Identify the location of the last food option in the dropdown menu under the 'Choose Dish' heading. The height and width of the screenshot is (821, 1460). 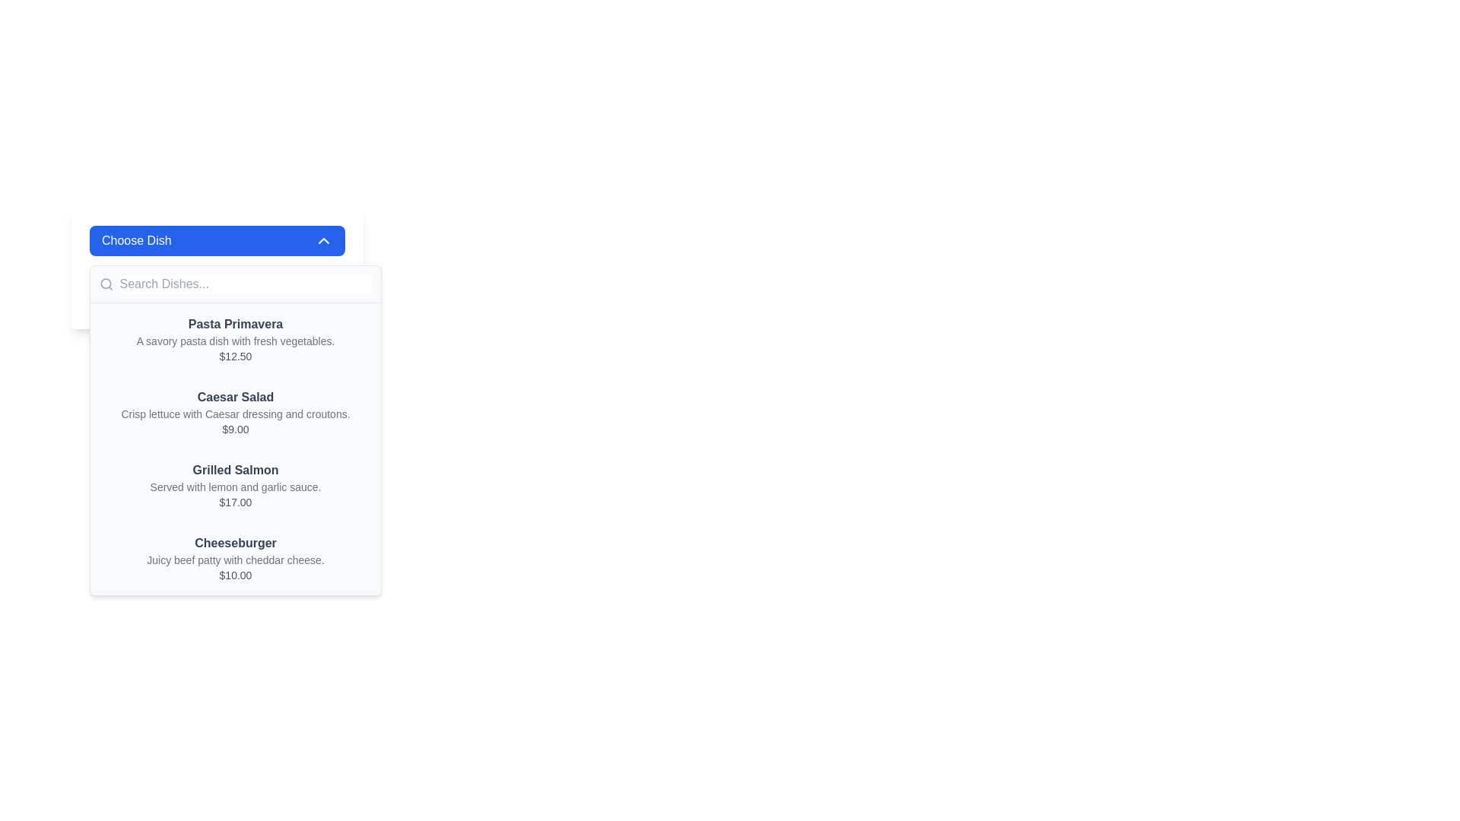
(235, 559).